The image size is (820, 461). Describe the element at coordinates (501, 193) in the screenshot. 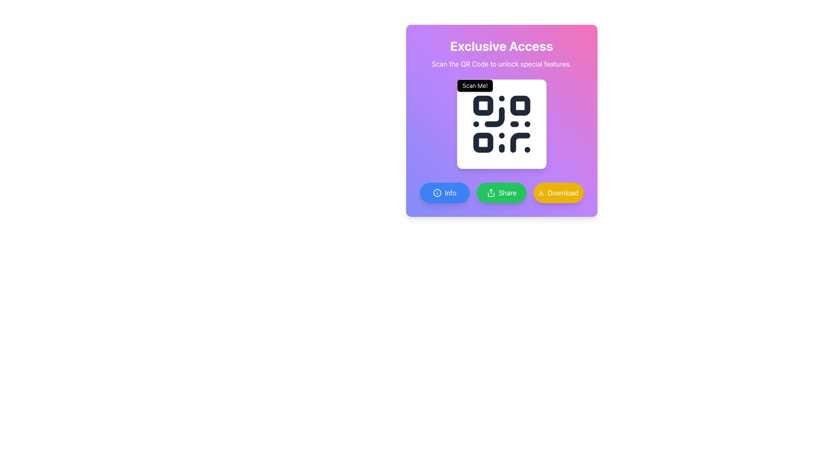

I see `the group of interactive buttons labeled 'Info', 'Share', and 'Download'` at that location.